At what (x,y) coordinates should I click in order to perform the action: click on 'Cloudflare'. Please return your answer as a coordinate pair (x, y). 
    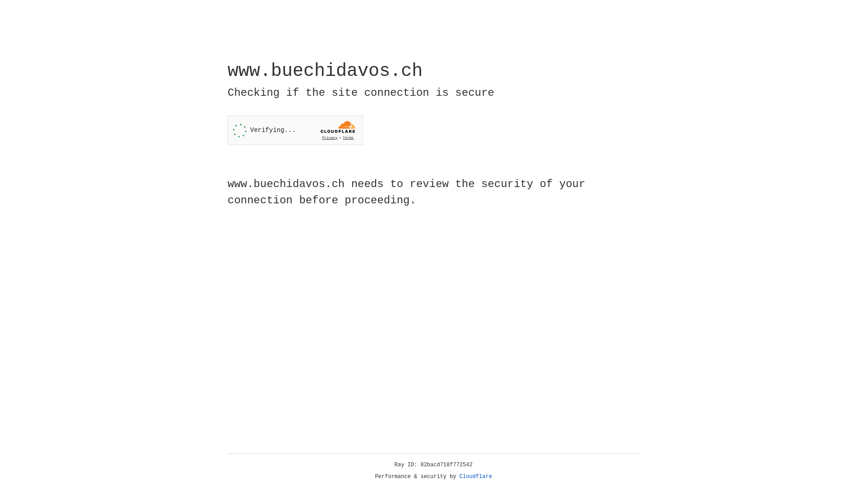
    Looking at the image, I should click on (475, 476).